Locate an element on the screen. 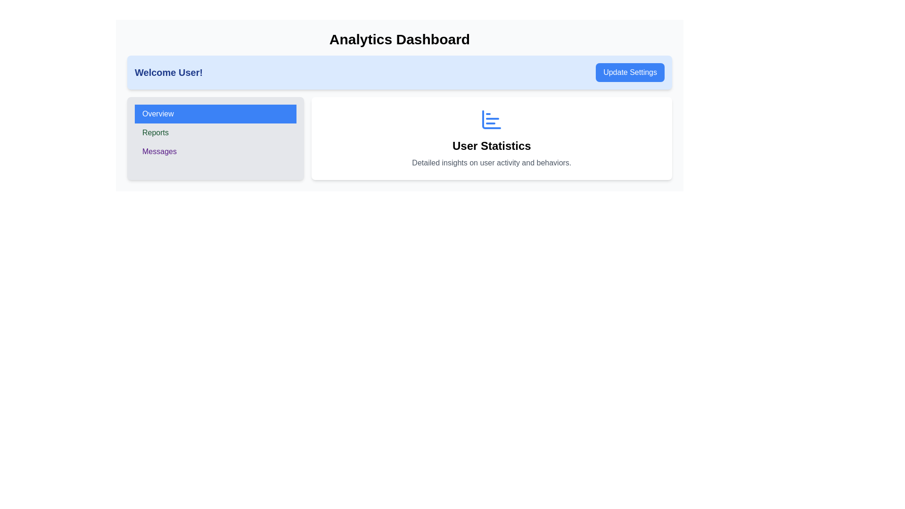 The height and width of the screenshot is (509, 905). the third button in the left-side panel is located at coordinates (215, 151).